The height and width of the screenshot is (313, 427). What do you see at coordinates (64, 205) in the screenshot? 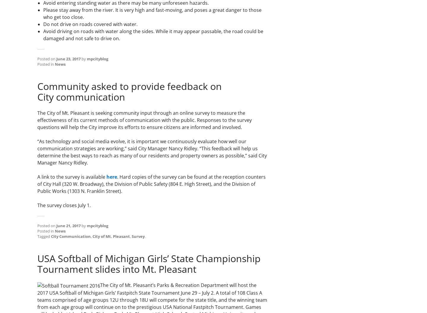
I see `'The survey closes July 1.'` at bounding box center [64, 205].